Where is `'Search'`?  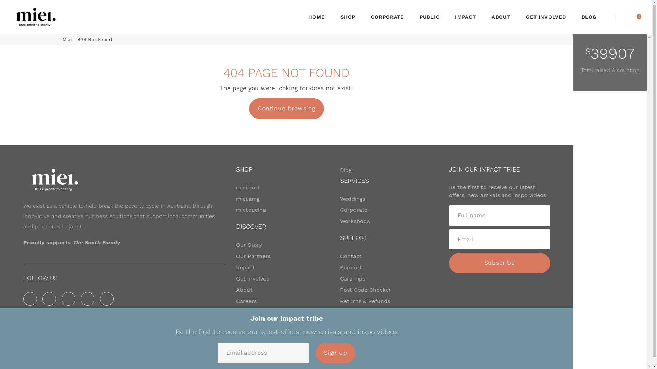
'Search' is located at coordinates (628, 16).